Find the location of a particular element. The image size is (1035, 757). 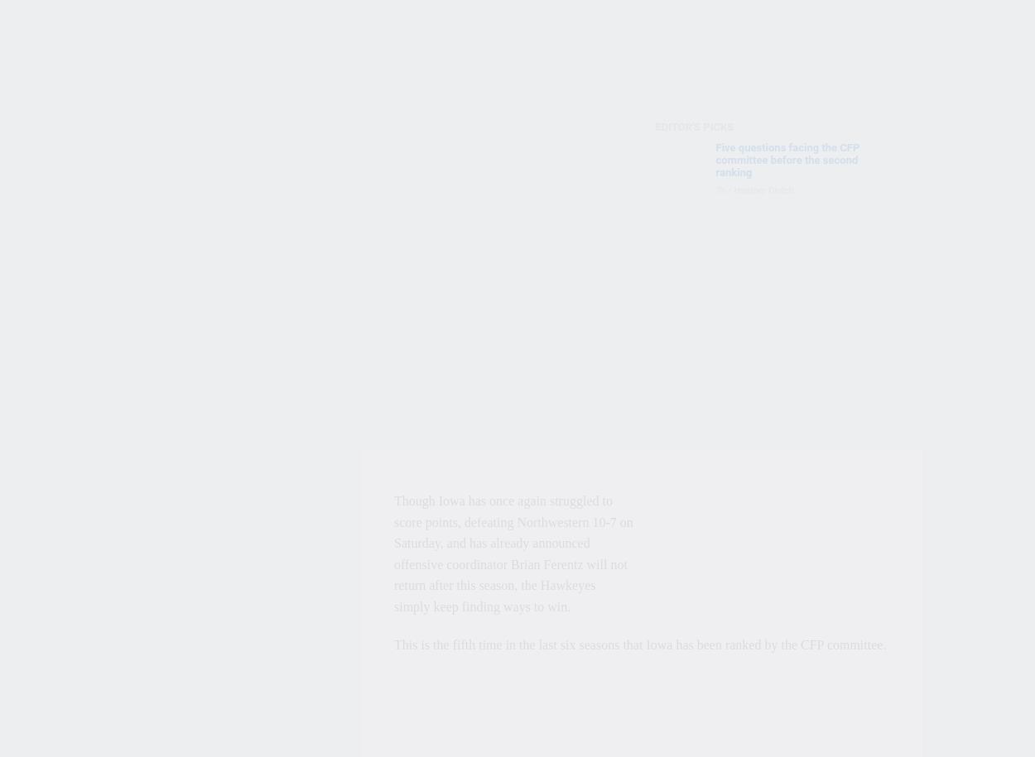

'Editor's Picks' is located at coordinates (693, 126).